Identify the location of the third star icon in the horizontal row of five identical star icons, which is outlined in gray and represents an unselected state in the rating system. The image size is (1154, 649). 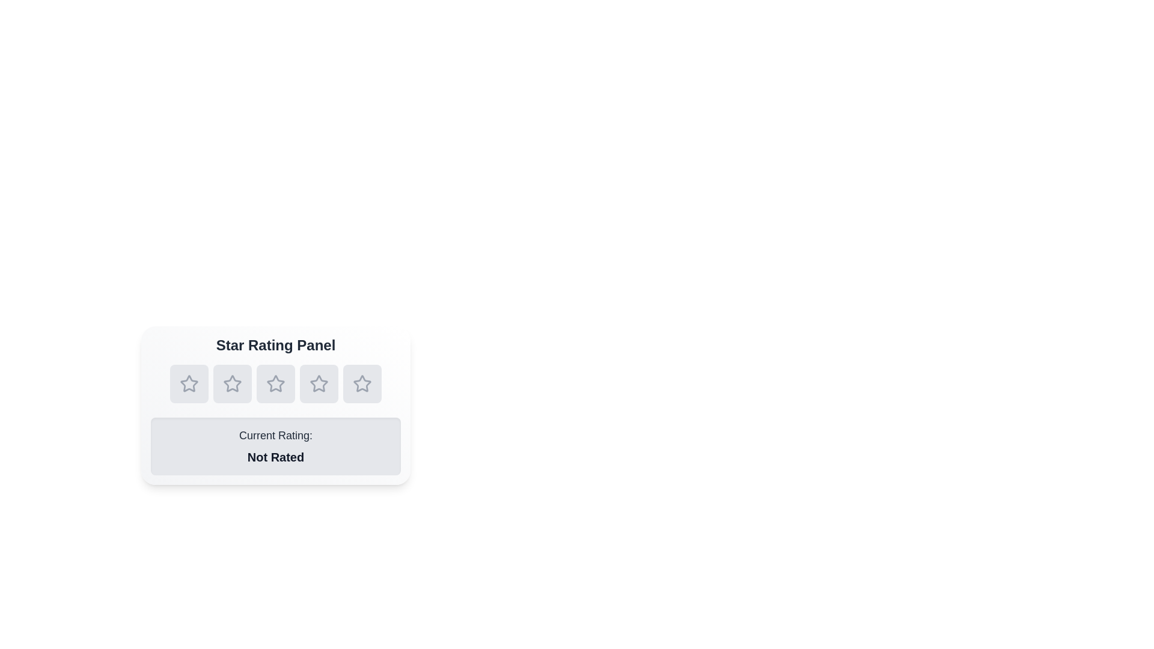
(275, 384).